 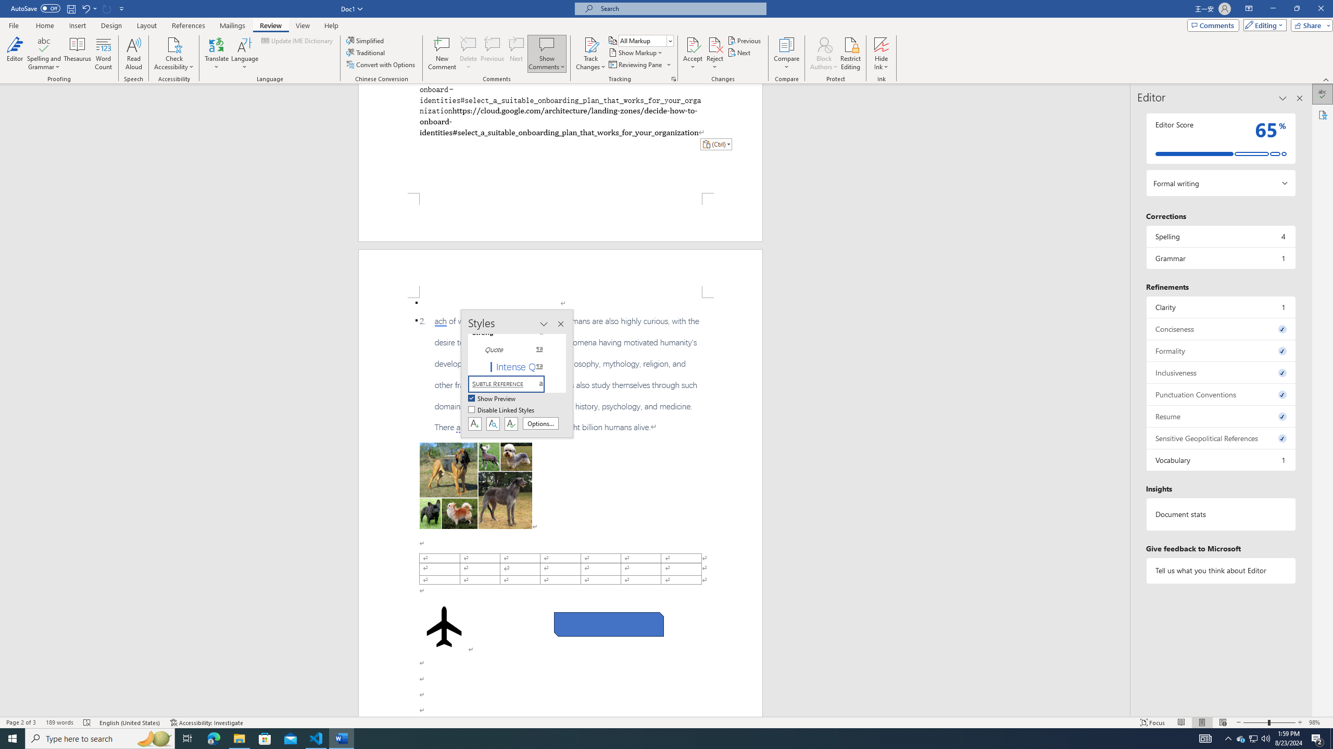 What do you see at coordinates (468, 44) in the screenshot?
I see `'Delete'` at bounding box center [468, 44].